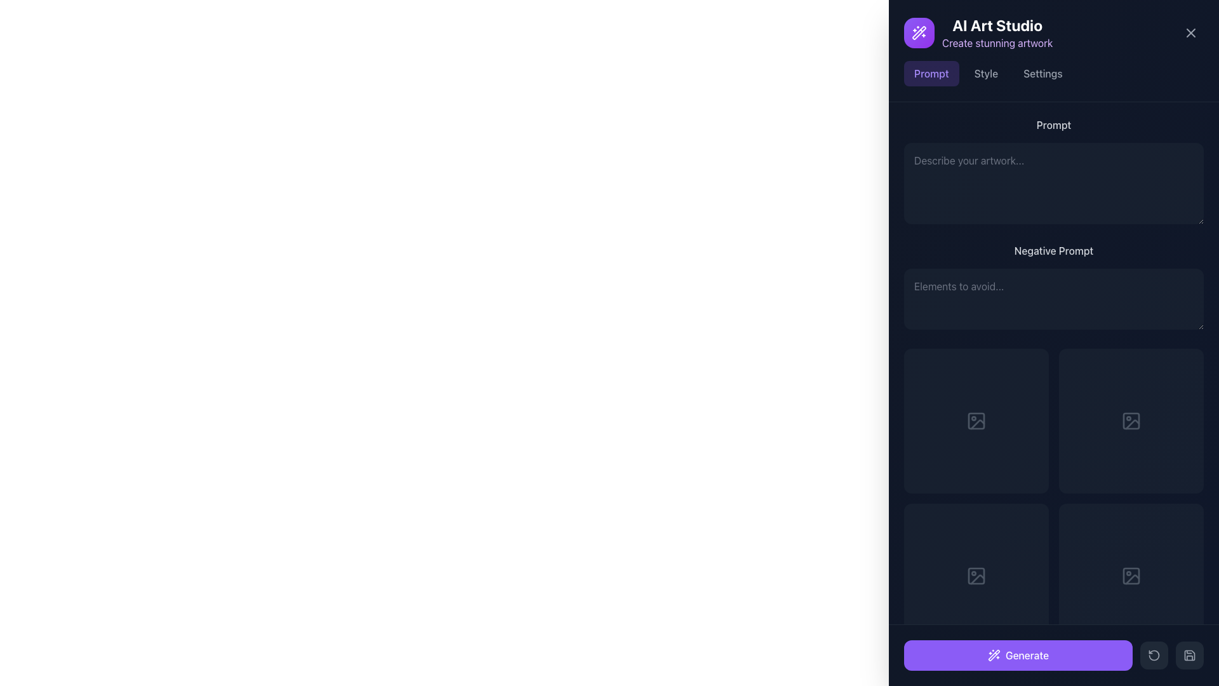 The width and height of the screenshot is (1219, 686). Describe the element at coordinates (1154, 656) in the screenshot. I see `the rotate or refresh icon located at the bottom-right corner of the application's interface` at that location.